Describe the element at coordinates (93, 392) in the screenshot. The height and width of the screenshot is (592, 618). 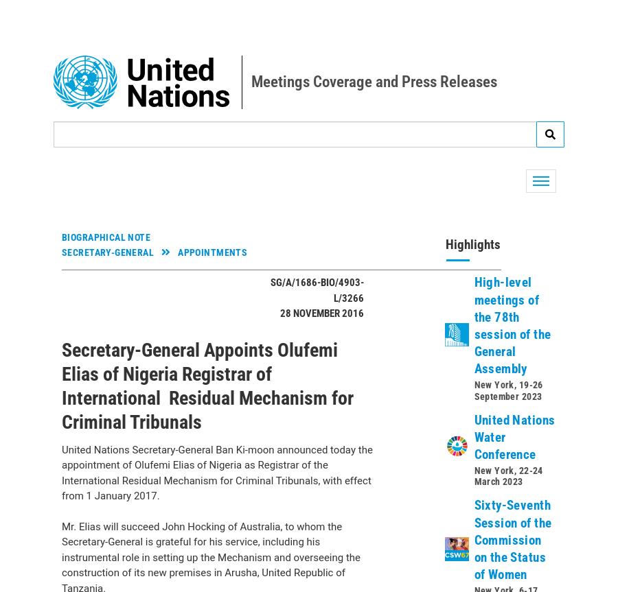
I see `'Journal'` at that location.